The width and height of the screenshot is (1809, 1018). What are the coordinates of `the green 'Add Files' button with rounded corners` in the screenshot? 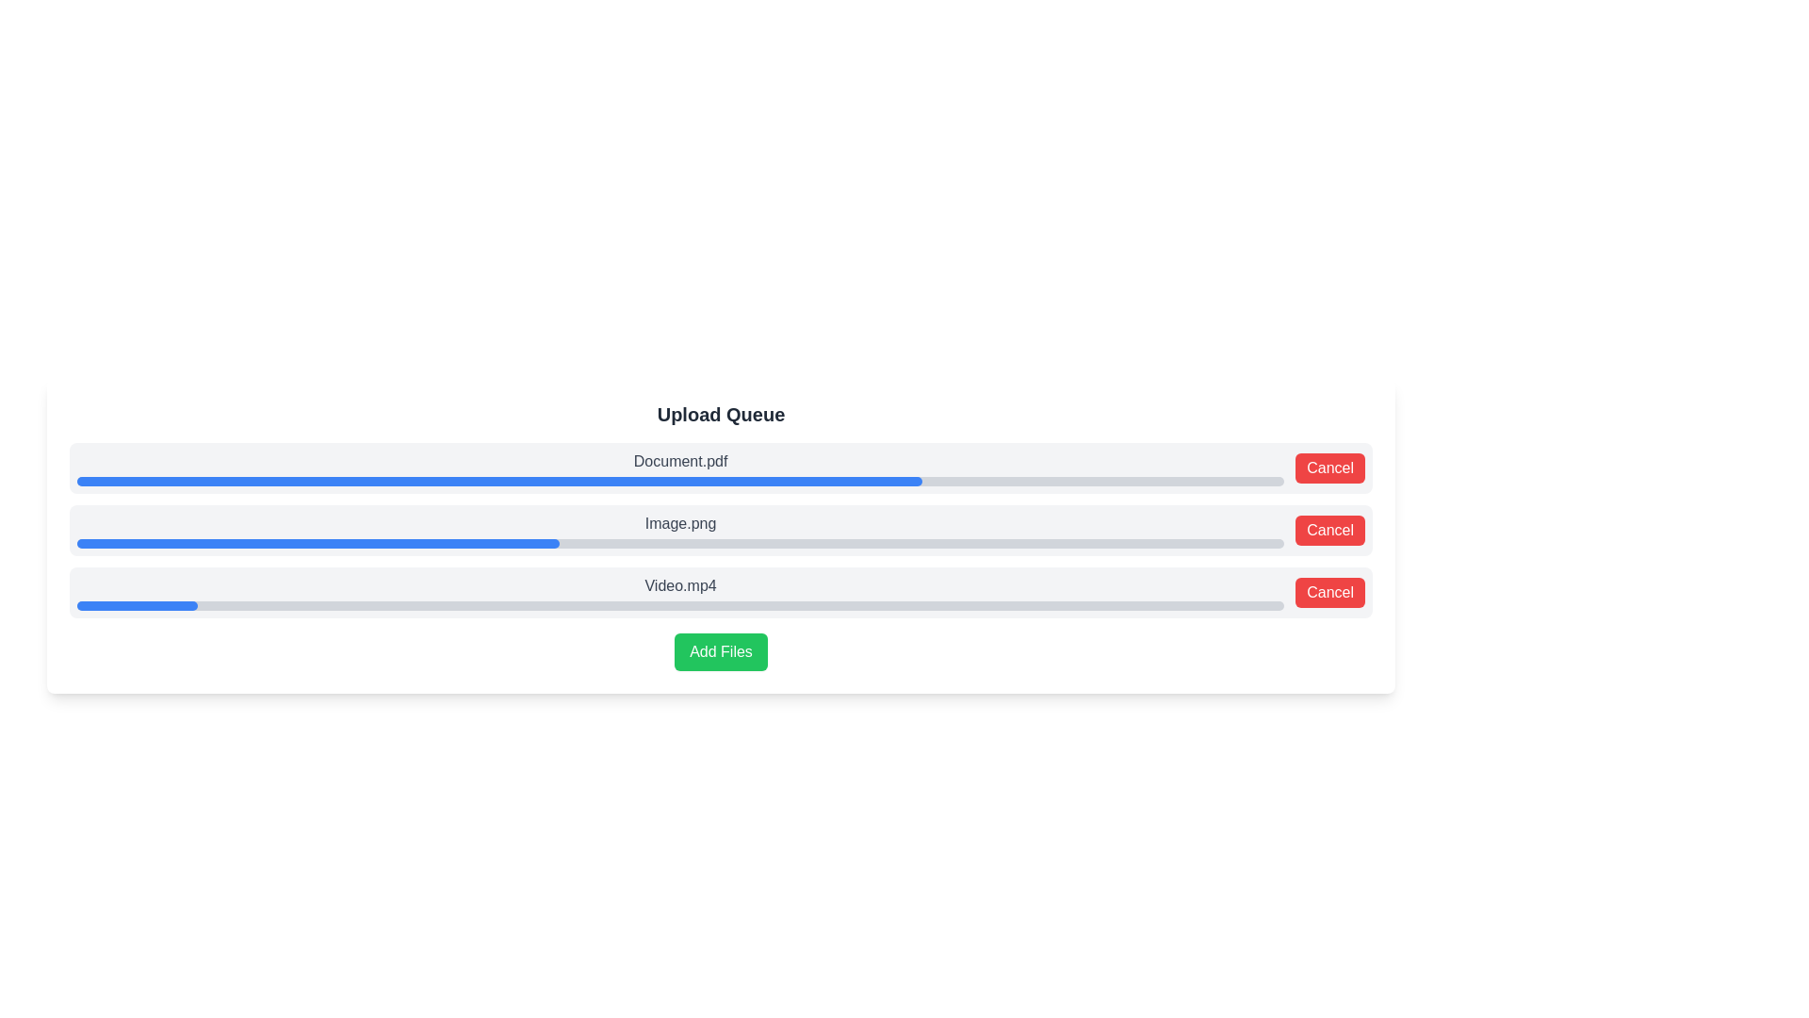 It's located at (720, 650).